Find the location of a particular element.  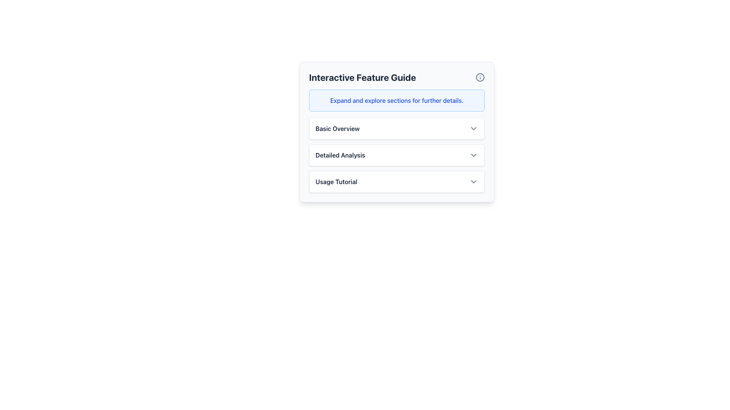

the chevron icon is located at coordinates (473, 155).